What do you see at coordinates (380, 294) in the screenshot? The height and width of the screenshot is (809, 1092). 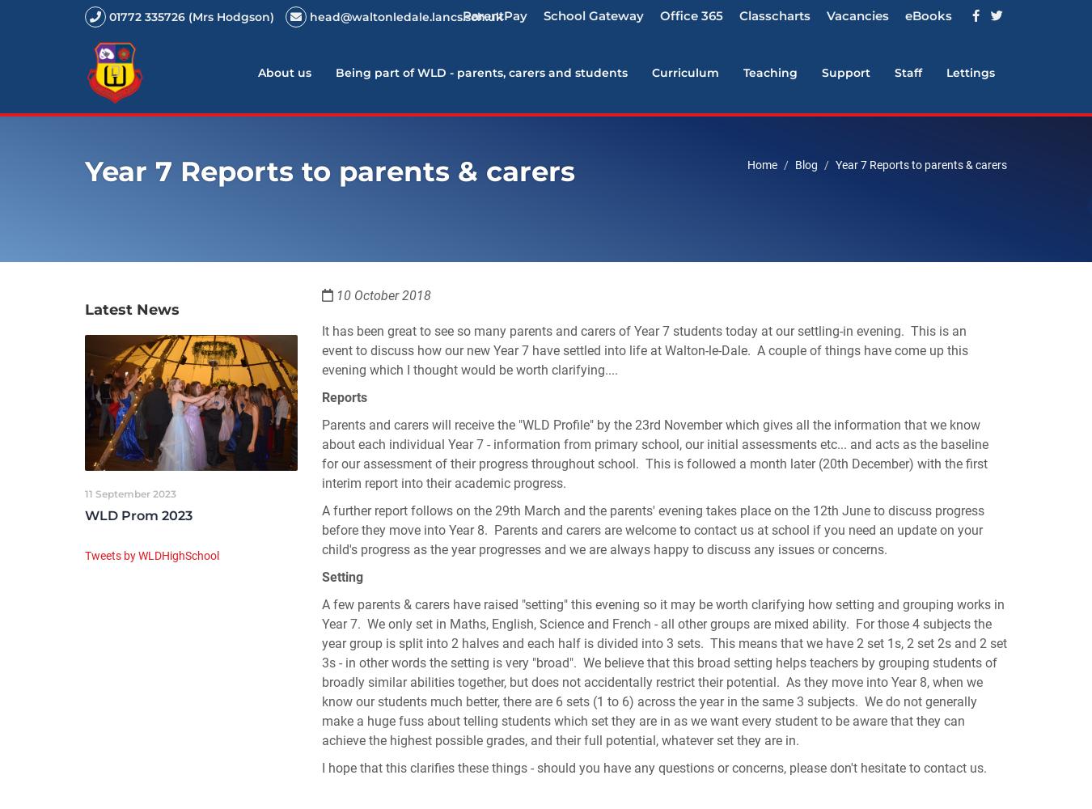 I see `'10 October 2018'` at bounding box center [380, 294].